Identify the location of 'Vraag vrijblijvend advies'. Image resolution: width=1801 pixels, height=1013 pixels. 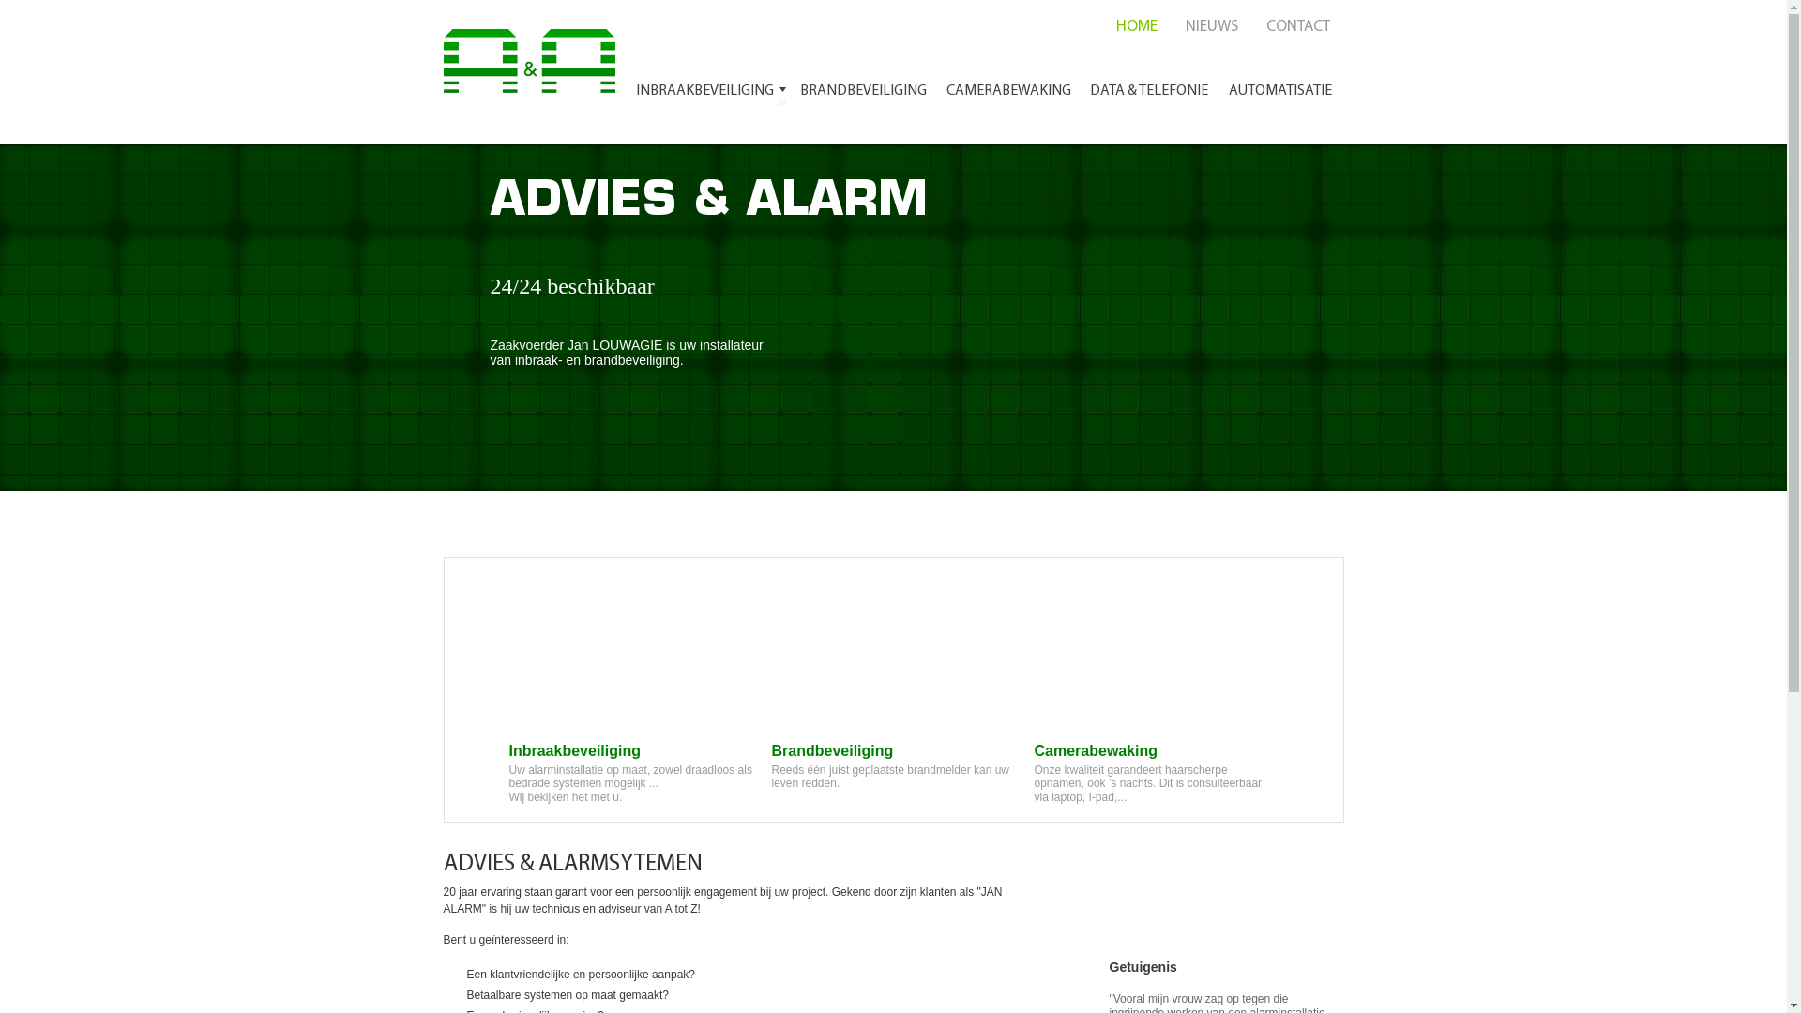
(1201, 883).